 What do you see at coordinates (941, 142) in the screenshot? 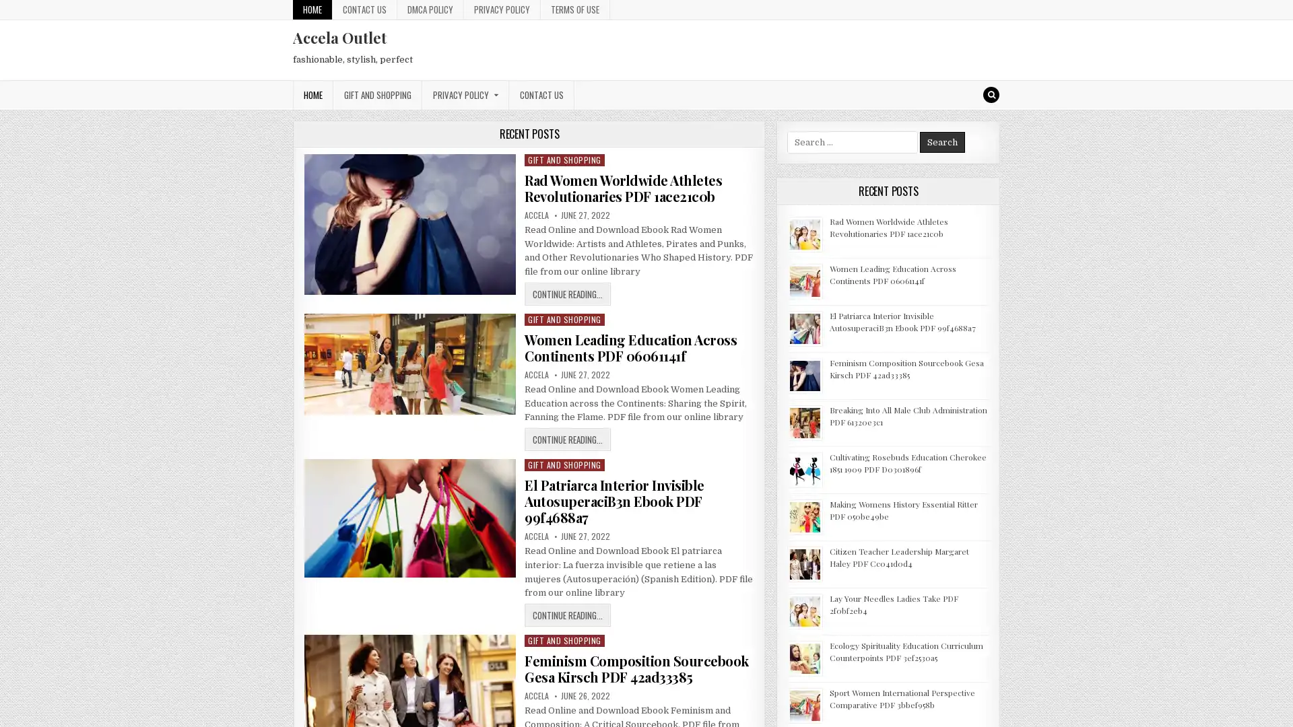
I see `Search` at bounding box center [941, 142].